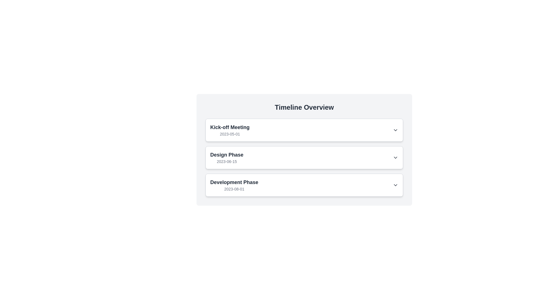 This screenshot has height=303, width=539. Describe the element at coordinates (227, 155) in the screenshot. I see `the text label displaying the current phase's name in the 'Timeline Overview', which is the second item in the list, located above the date '2023-06-15'` at that location.